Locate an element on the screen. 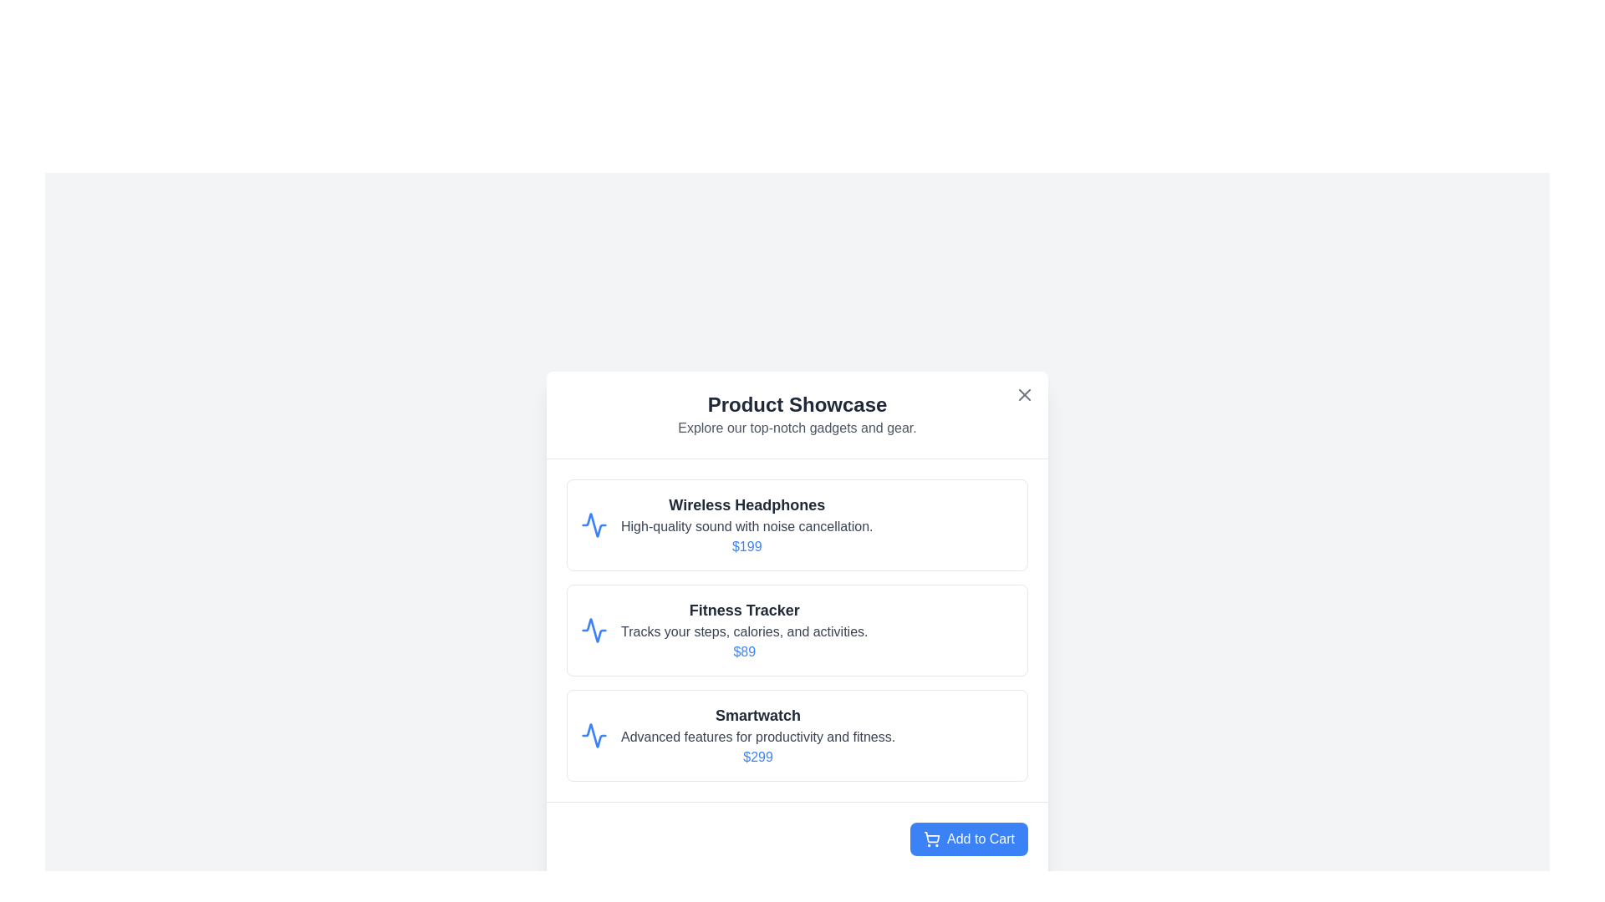 The image size is (1605, 902). the title text 'Product Showcase', which is styled in bold and large dark gray font, positioned at the top of the section above the description text is located at coordinates (797, 405).